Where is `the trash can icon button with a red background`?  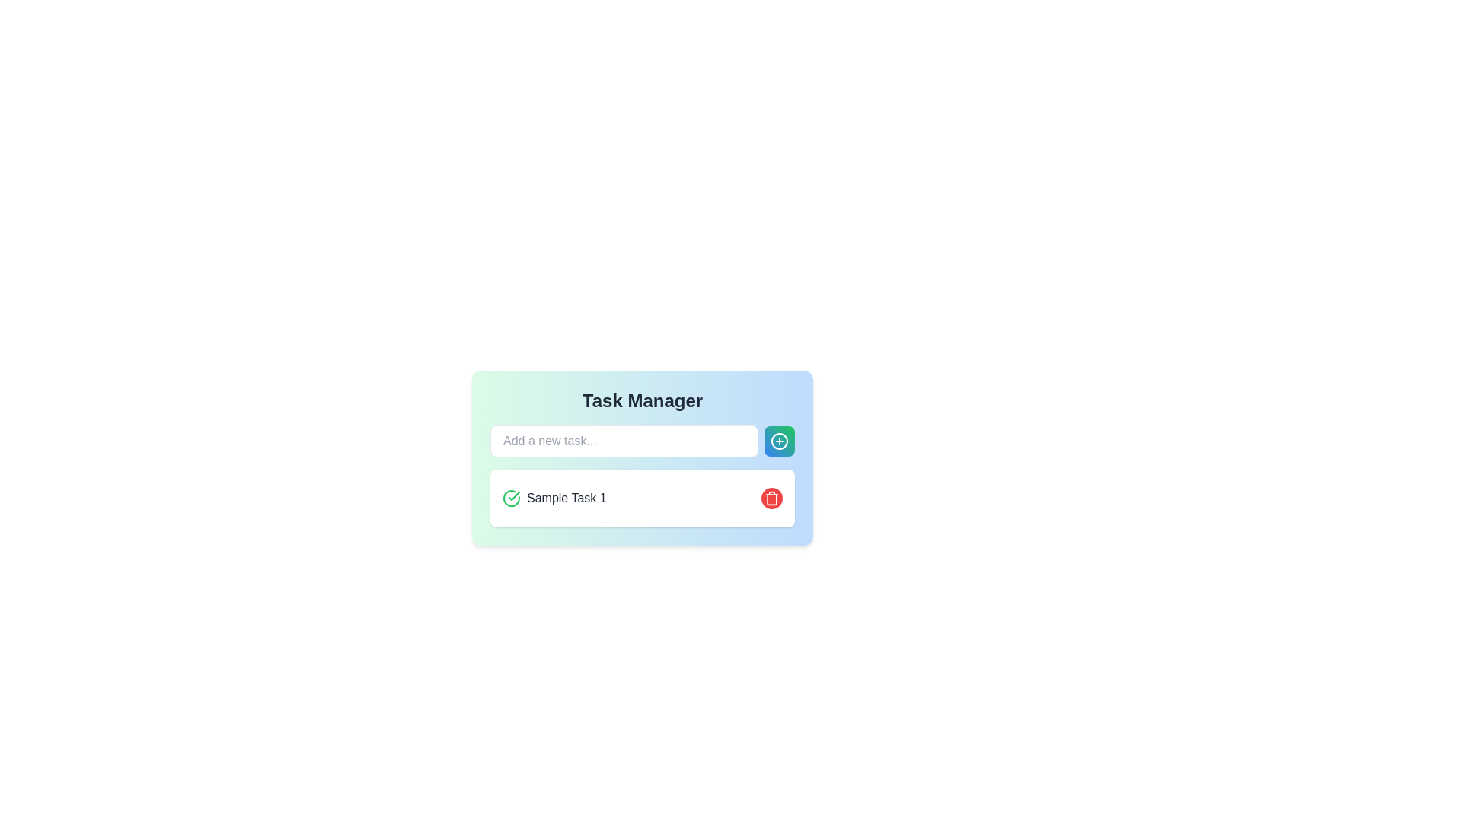
the trash can icon button with a red background is located at coordinates (771, 499).